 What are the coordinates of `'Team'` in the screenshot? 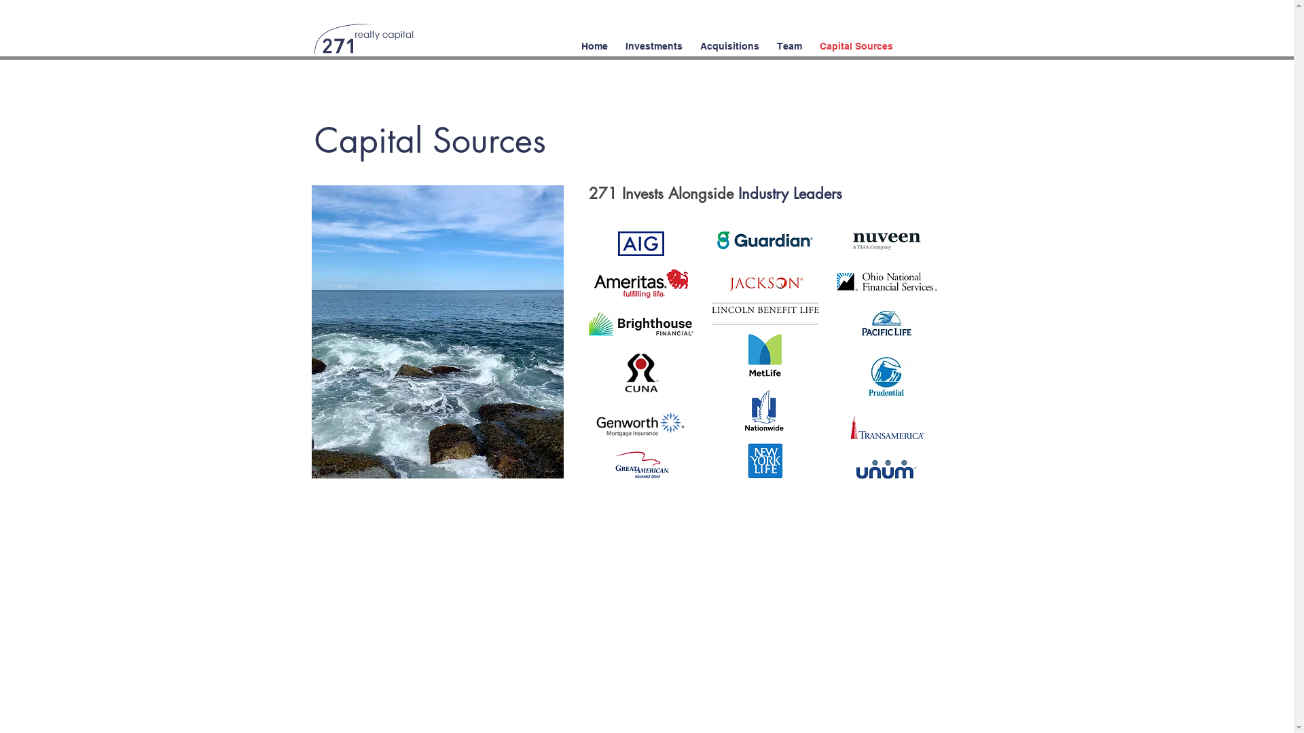 It's located at (767, 39).